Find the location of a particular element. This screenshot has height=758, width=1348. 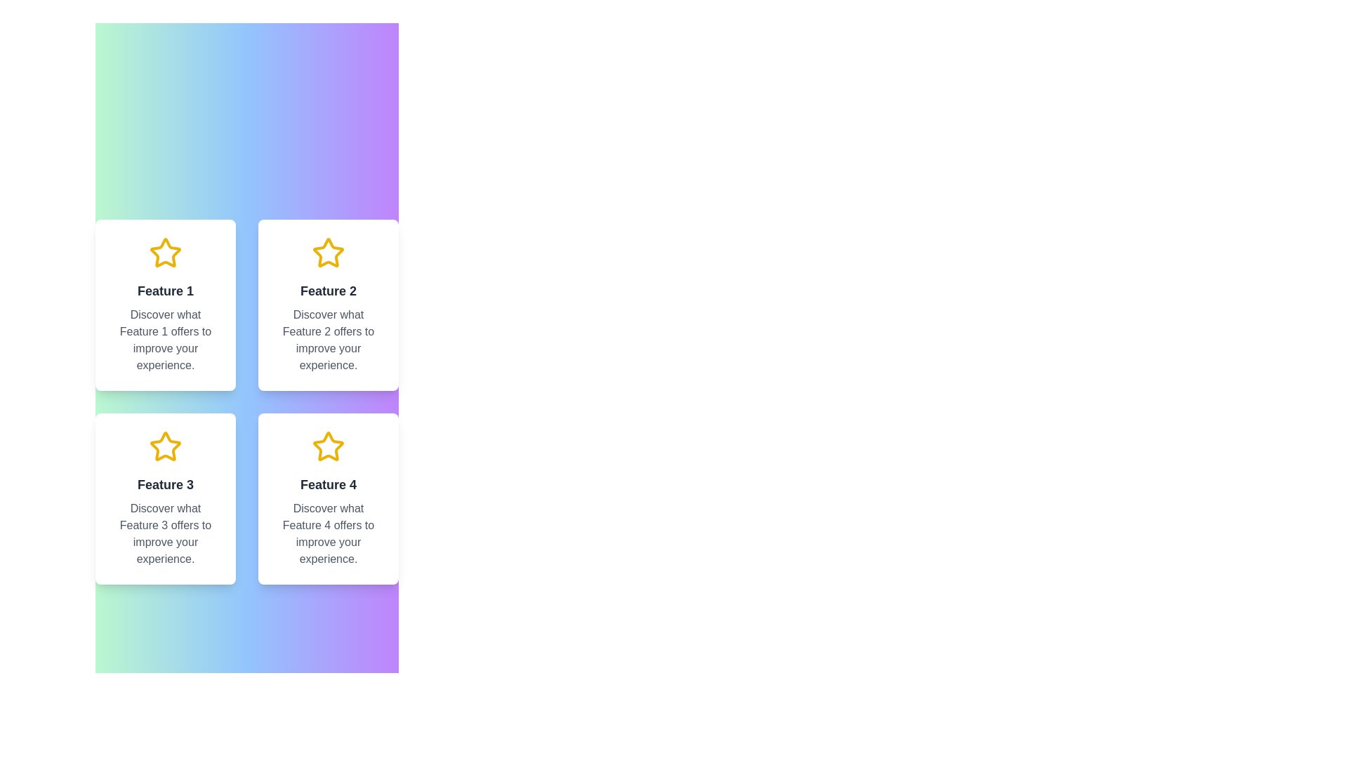

the star icon located in the top-left card of the grid structure, which symbolizes importance or feature highlighting, positioned above the heading 'Feature 1' is located at coordinates (165, 253).